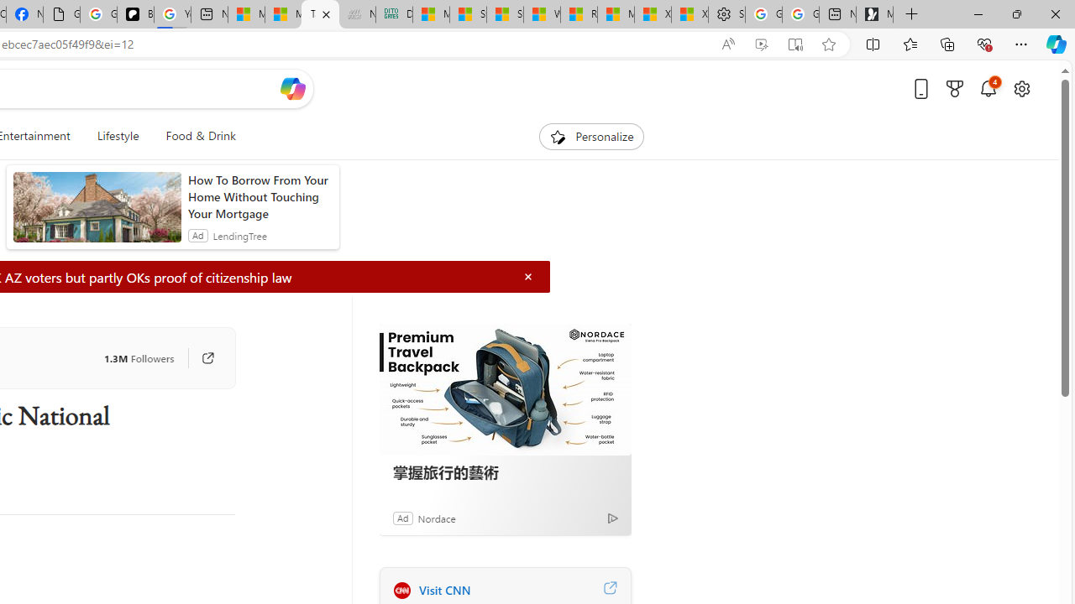  Describe the element at coordinates (201, 136) in the screenshot. I see `'Food & Drink'` at that location.